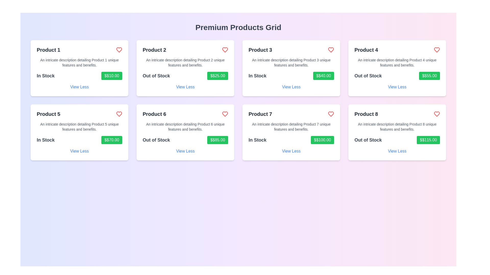 The width and height of the screenshot is (490, 275). Describe the element at coordinates (291, 62) in the screenshot. I see `the text display element that shows the description for 'Product 3', which is styled with small gray text reading: 'An intricate description detailing Product 3 unique features and benefits.'` at that location.